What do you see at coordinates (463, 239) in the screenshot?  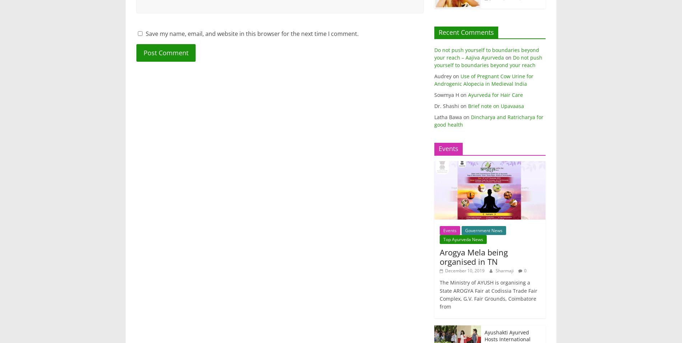 I see `'Top Ayurveda News'` at bounding box center [463, 239].